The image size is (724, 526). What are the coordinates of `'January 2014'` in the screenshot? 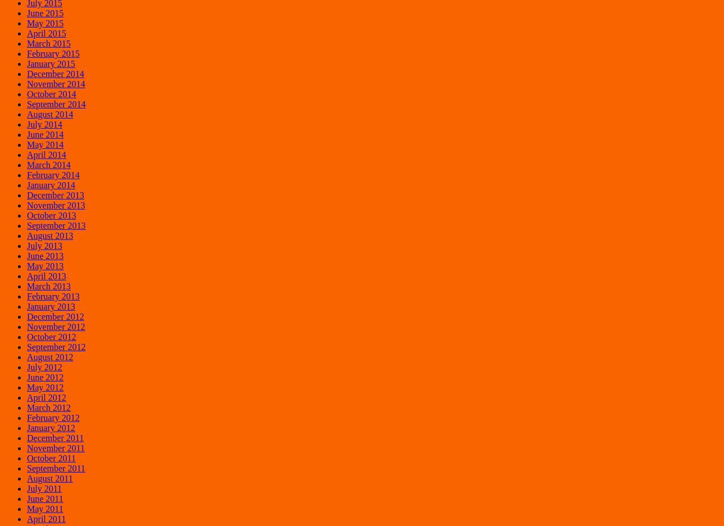 It's located at (50, 184).